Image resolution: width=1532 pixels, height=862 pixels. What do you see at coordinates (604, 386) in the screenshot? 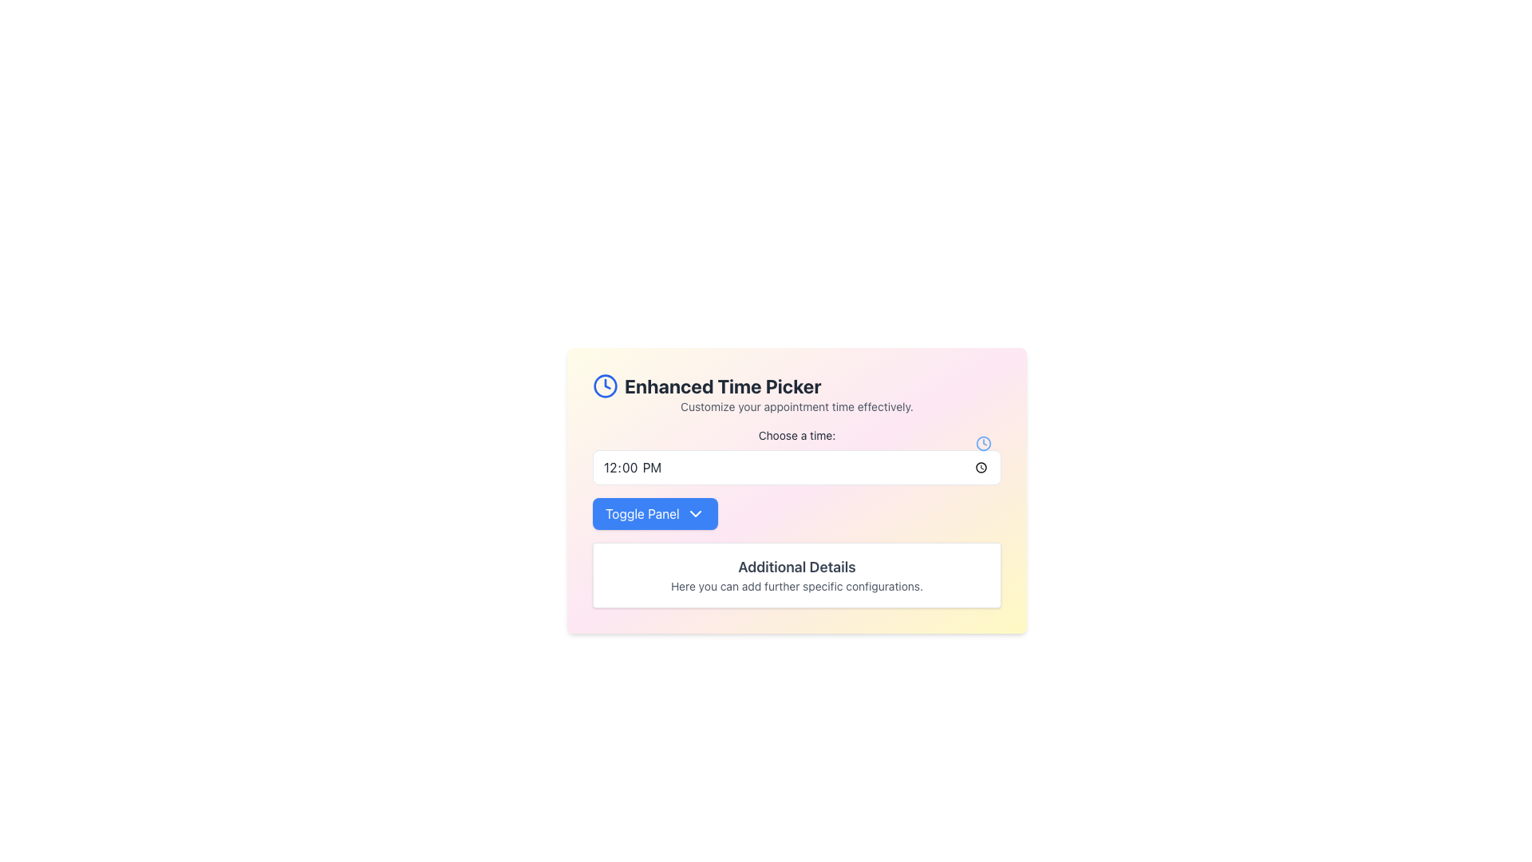
I see `the circular-shaped graphical component representing the outer boundary of the clock icon, which is located to the left of the title 'Enhanced Time Picker'` at bounding box center [604, 386].